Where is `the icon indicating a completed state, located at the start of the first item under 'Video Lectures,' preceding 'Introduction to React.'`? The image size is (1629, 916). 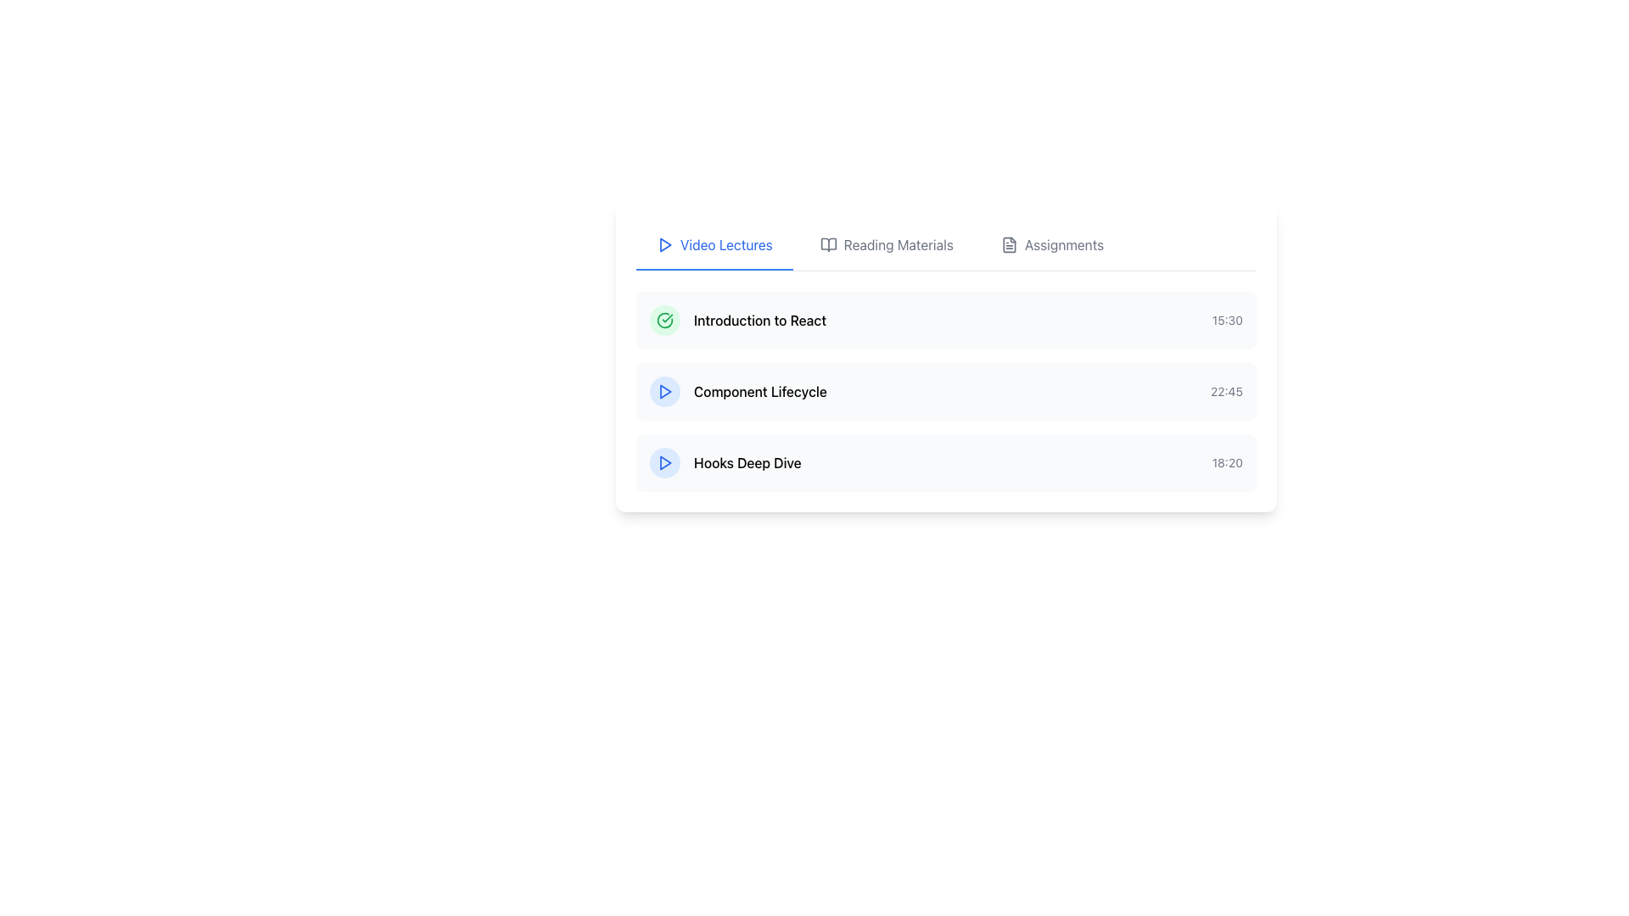 the icon indicating a completed state, located at the start of the first item under 'Video Lectures,' preceding 'Introduction to React.' is located at coordinates (663, 321).